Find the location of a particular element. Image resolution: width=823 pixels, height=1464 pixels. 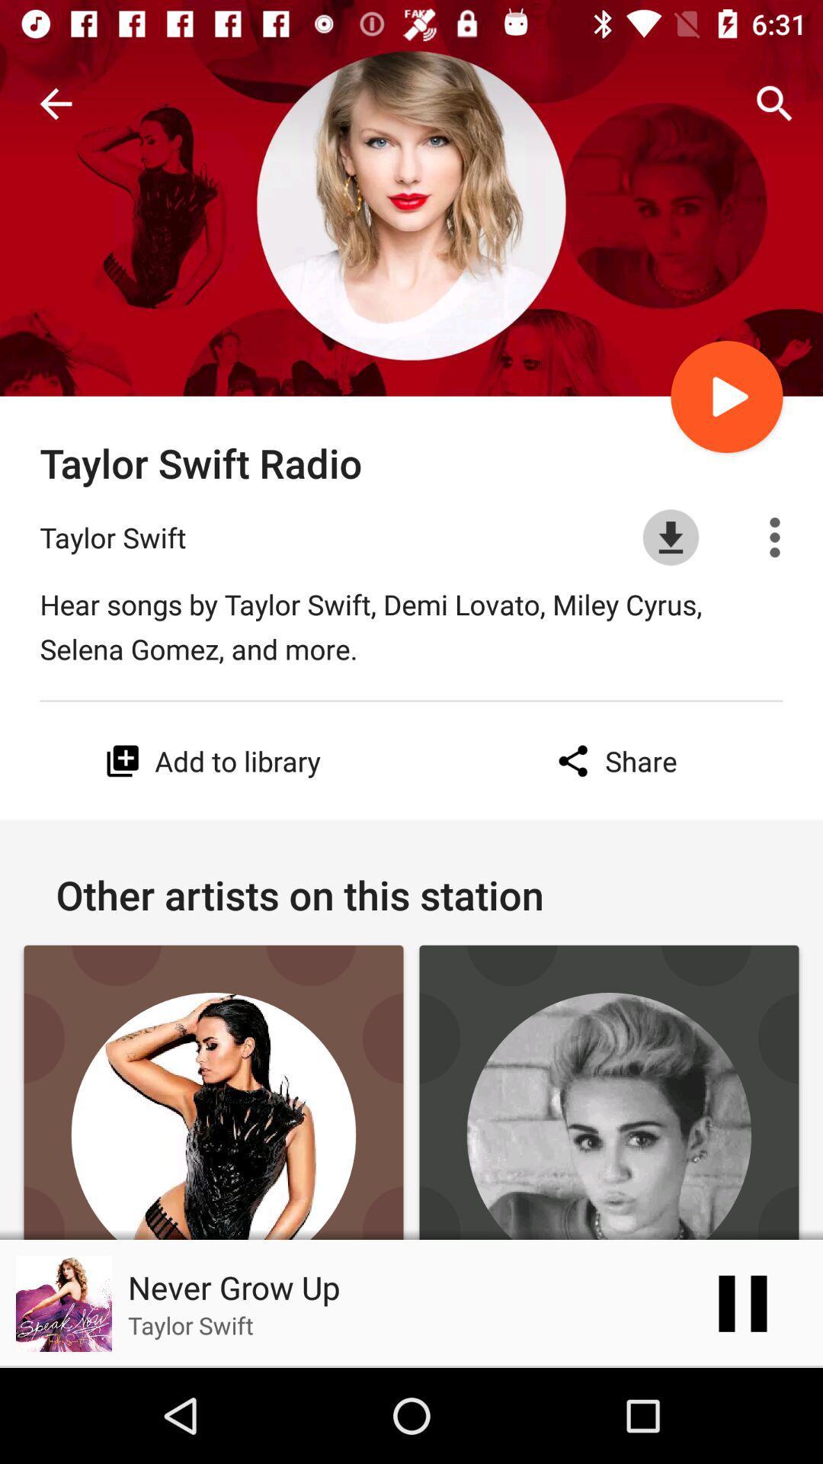

icon left to the text add to library is located at coordinates (122, 761).